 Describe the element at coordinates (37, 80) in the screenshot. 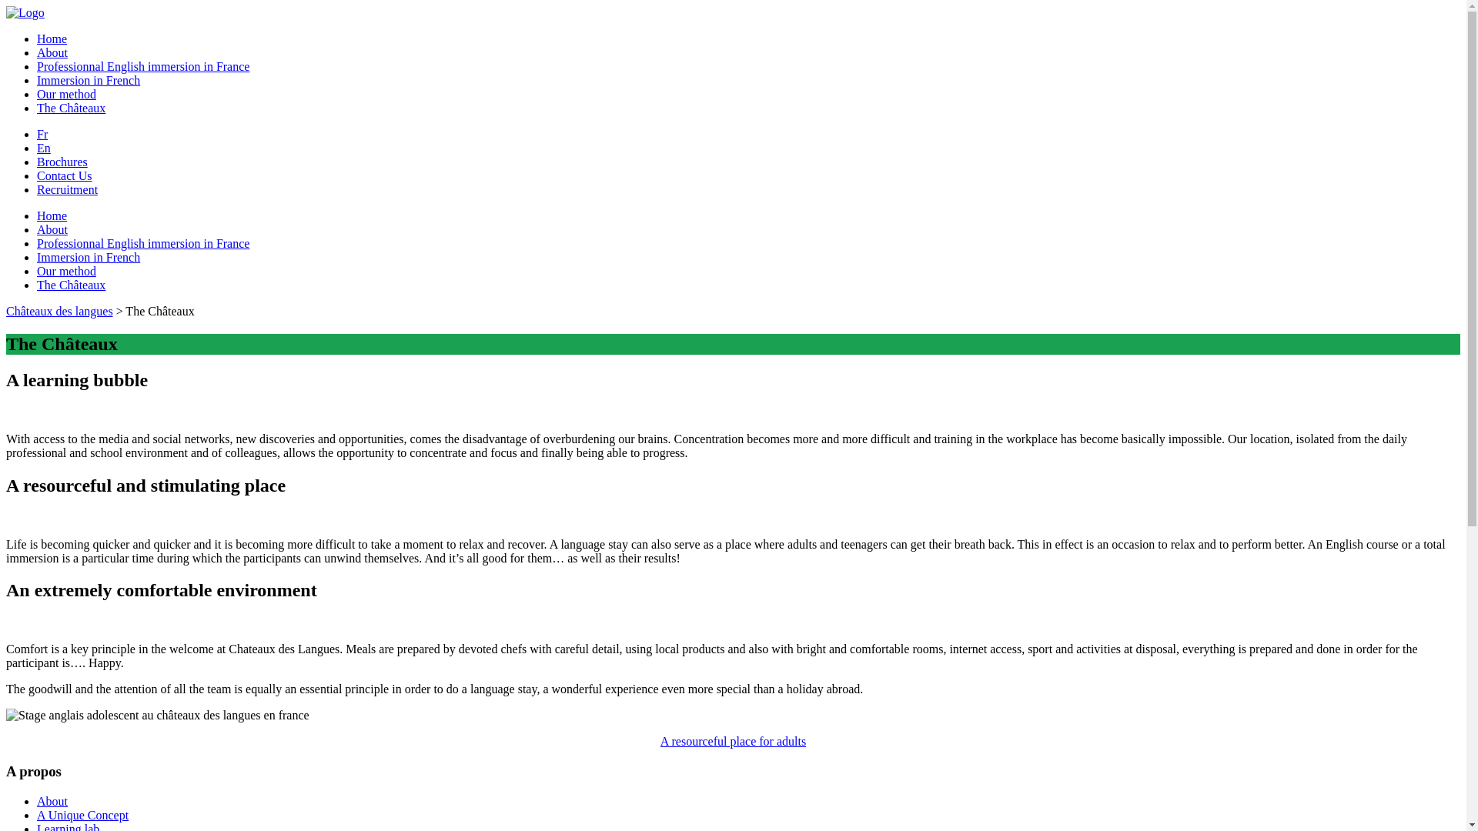

I see `'Immersion in French'` at that location.